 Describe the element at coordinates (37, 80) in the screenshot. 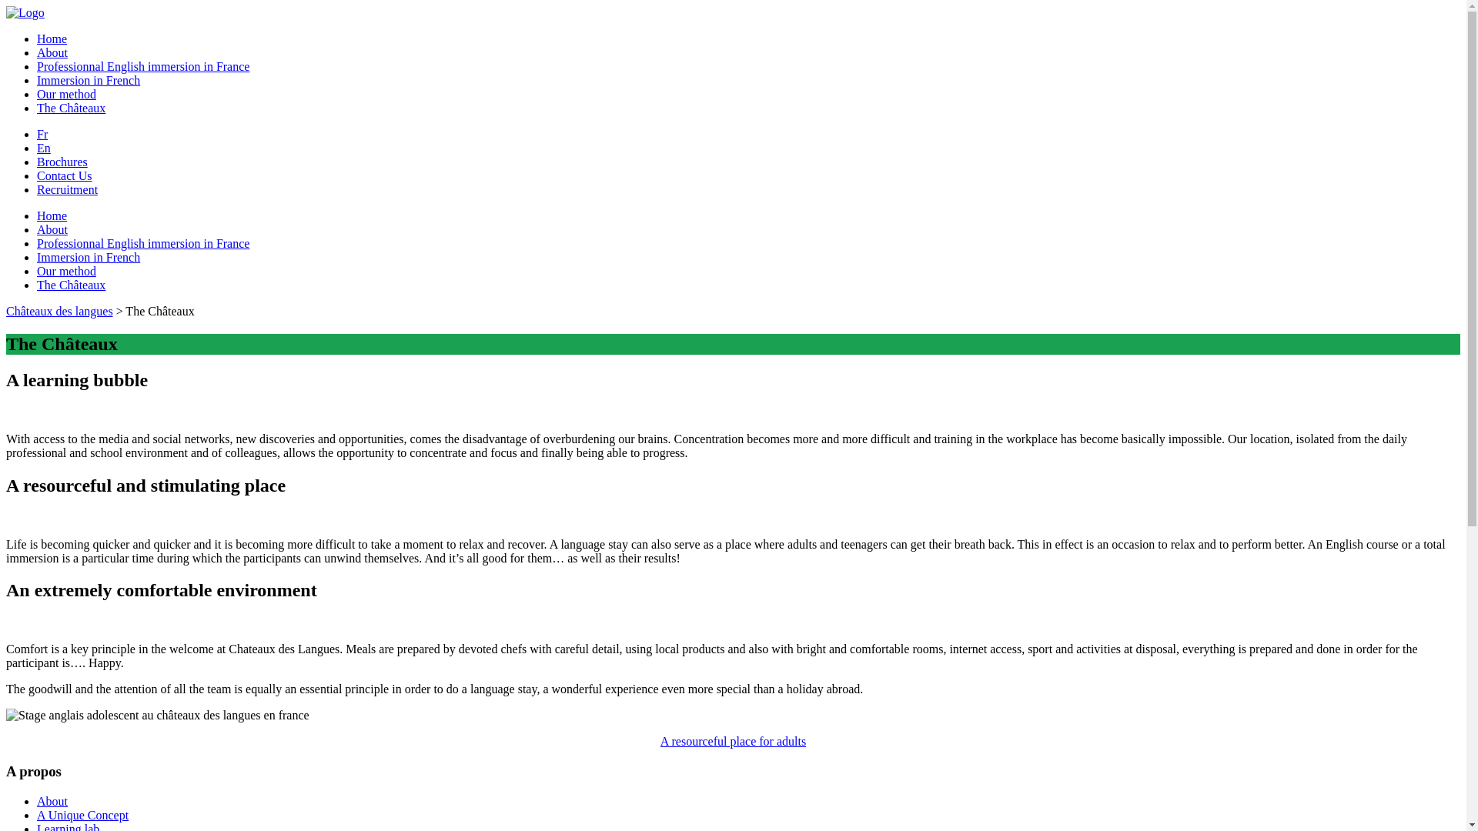

I see `'Immersion in French'` at that location.